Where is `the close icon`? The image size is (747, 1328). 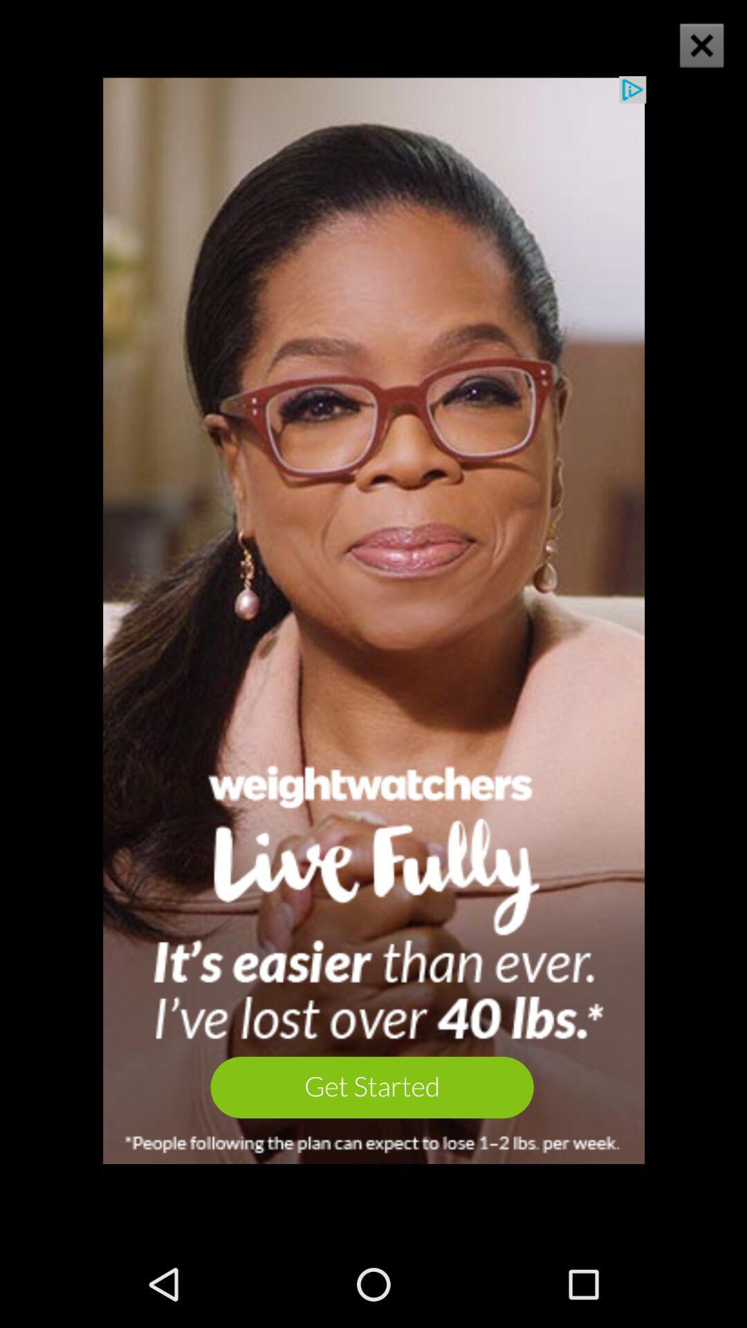 the close icon is located at coordinates (701, 48).